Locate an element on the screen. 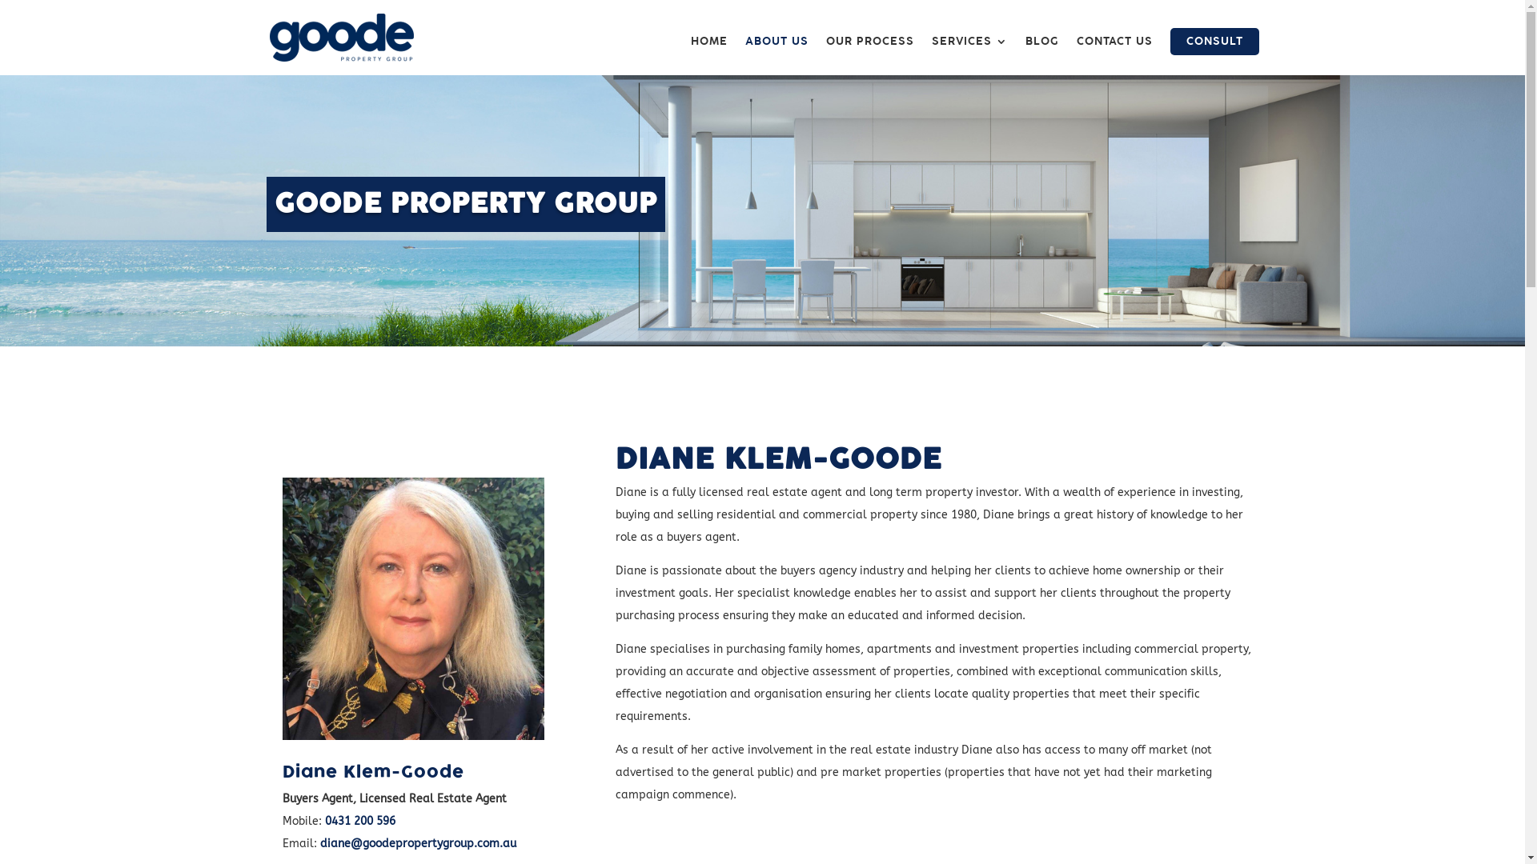 This screenshot has height=864, width=1537. 'HOME' is located at coordinates (707, 54).